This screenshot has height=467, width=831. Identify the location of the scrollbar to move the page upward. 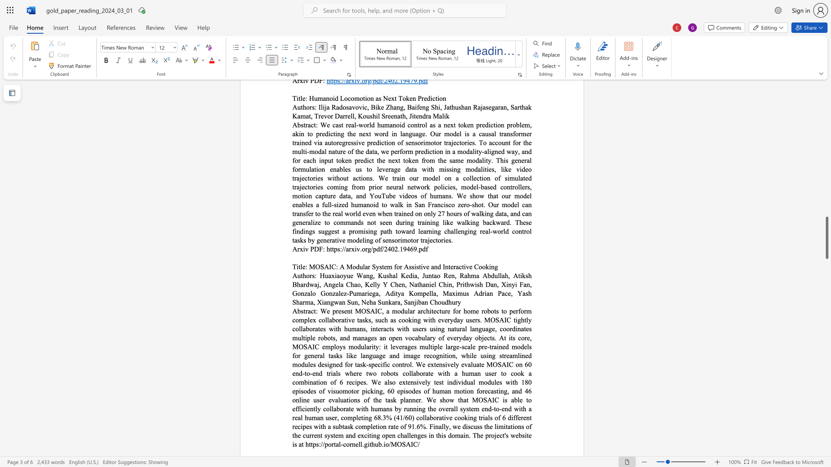
(826, 95).